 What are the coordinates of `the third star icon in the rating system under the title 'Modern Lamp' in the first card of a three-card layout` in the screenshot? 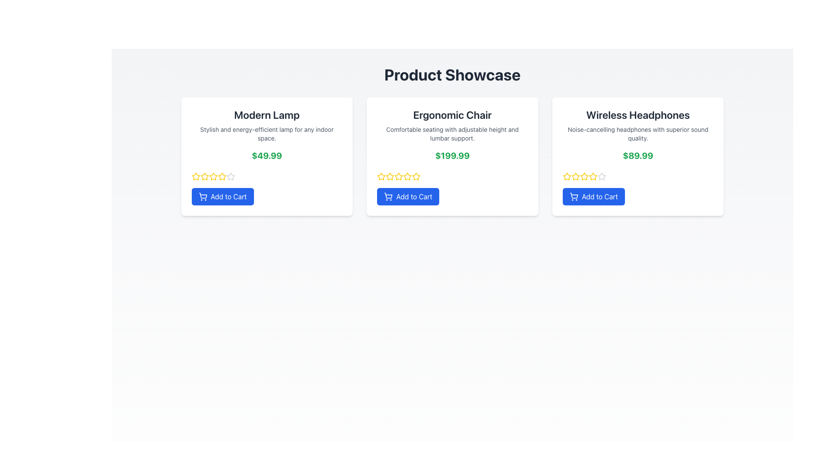 It's located at (222, 176).